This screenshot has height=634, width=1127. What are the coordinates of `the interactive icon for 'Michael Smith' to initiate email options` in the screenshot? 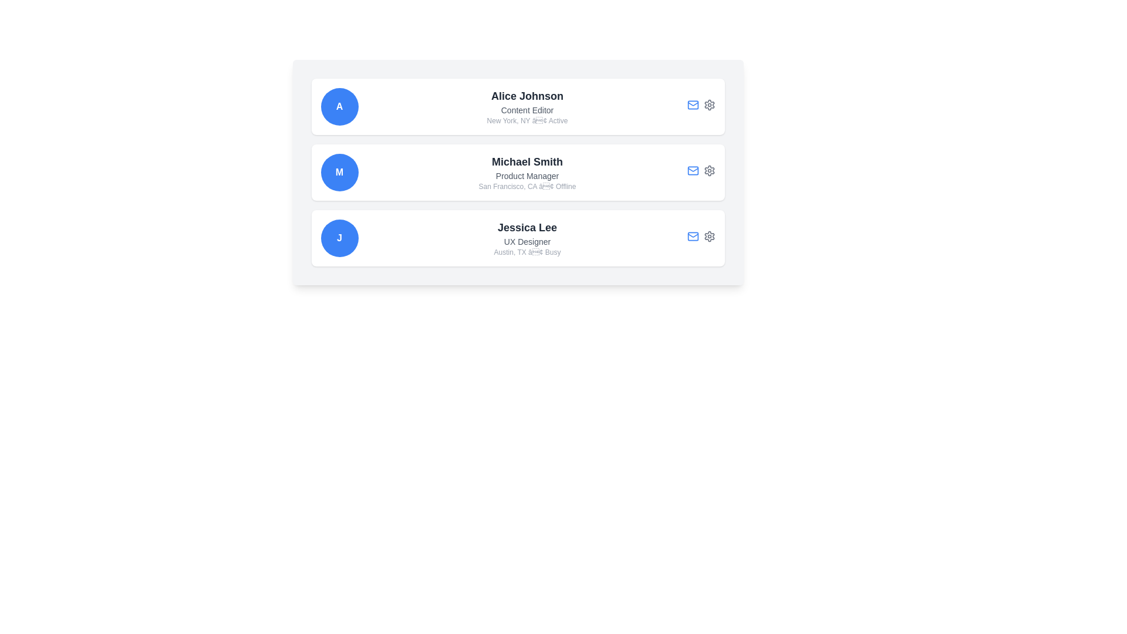 It's located at (693, 170).